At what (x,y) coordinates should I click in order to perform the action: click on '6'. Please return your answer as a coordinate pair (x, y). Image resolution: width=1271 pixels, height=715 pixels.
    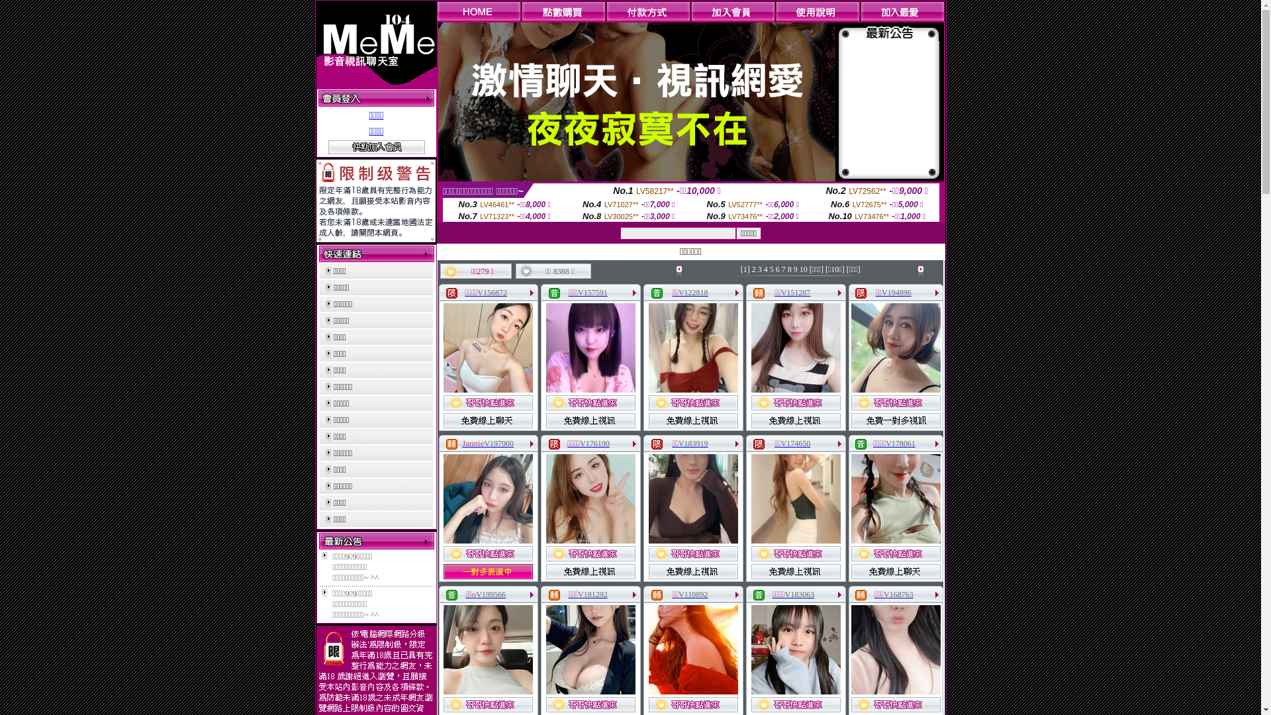
    Looking at the image, I should click on (775, 269).